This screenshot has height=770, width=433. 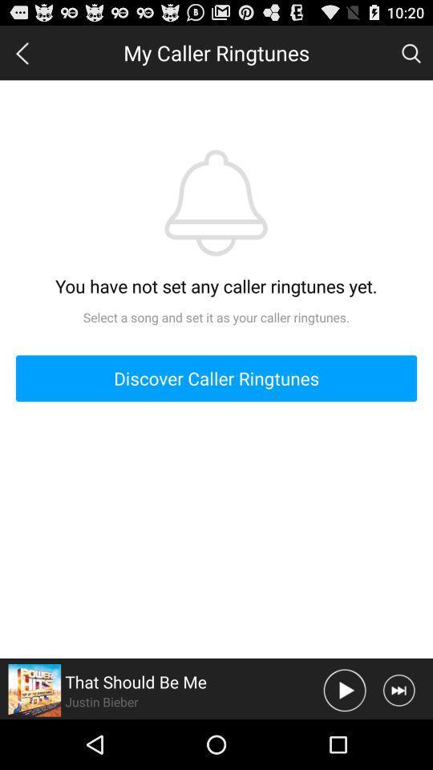 I want to click on skip to the next, so click(x=398, y=689).